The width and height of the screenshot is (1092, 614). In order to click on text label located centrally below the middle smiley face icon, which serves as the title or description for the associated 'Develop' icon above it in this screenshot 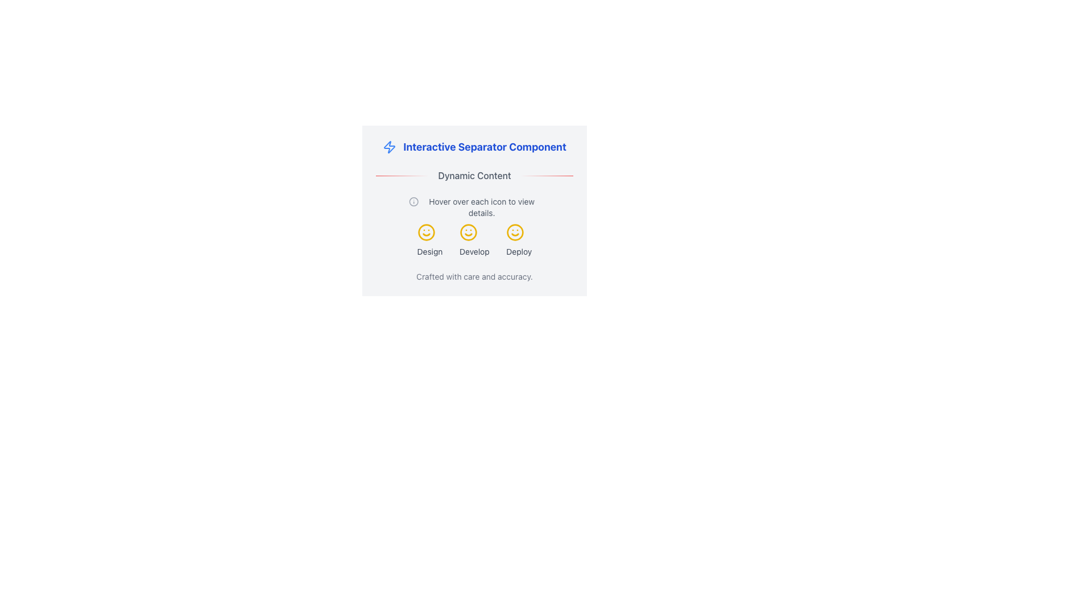, I will do `click(474, 251)`.